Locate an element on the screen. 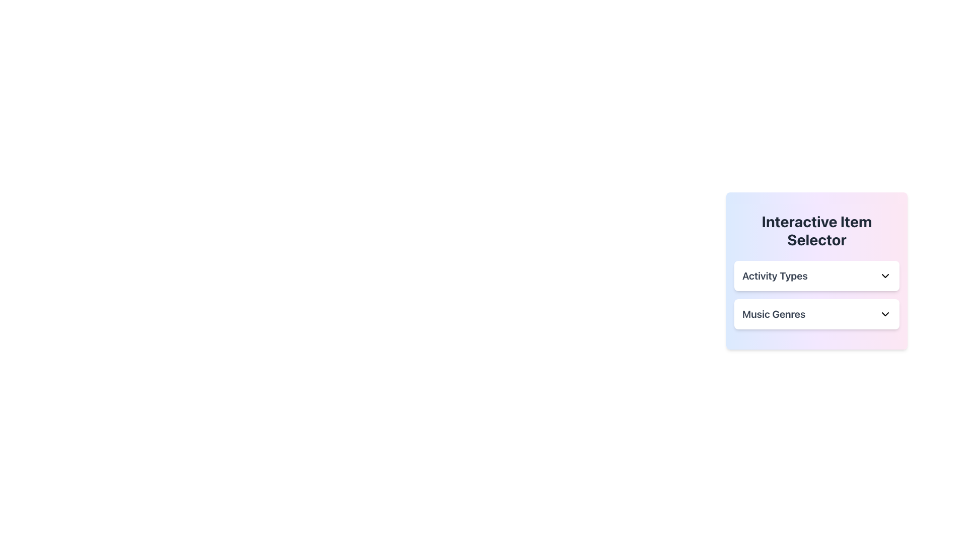  the dropdown icon is located at coordinates (884, 276).